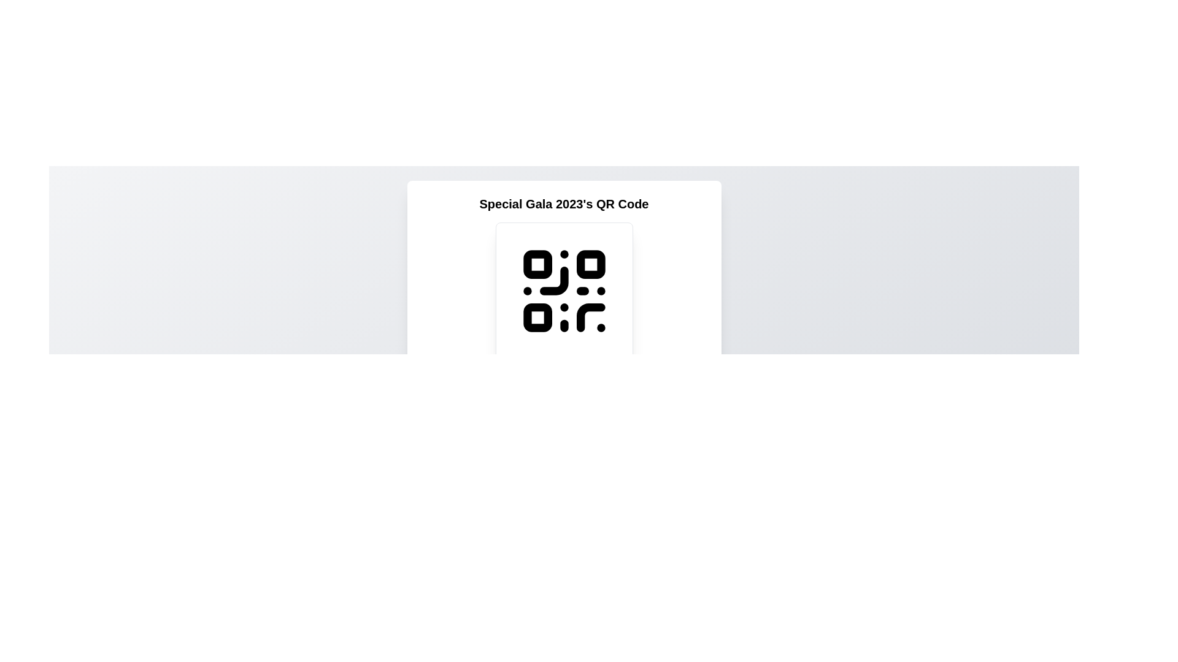  I want to click on the structural pattern element located in the top-left corner of the QR code, contributing to its scannability and integrity, if interaction is supported, so click(537, 264).